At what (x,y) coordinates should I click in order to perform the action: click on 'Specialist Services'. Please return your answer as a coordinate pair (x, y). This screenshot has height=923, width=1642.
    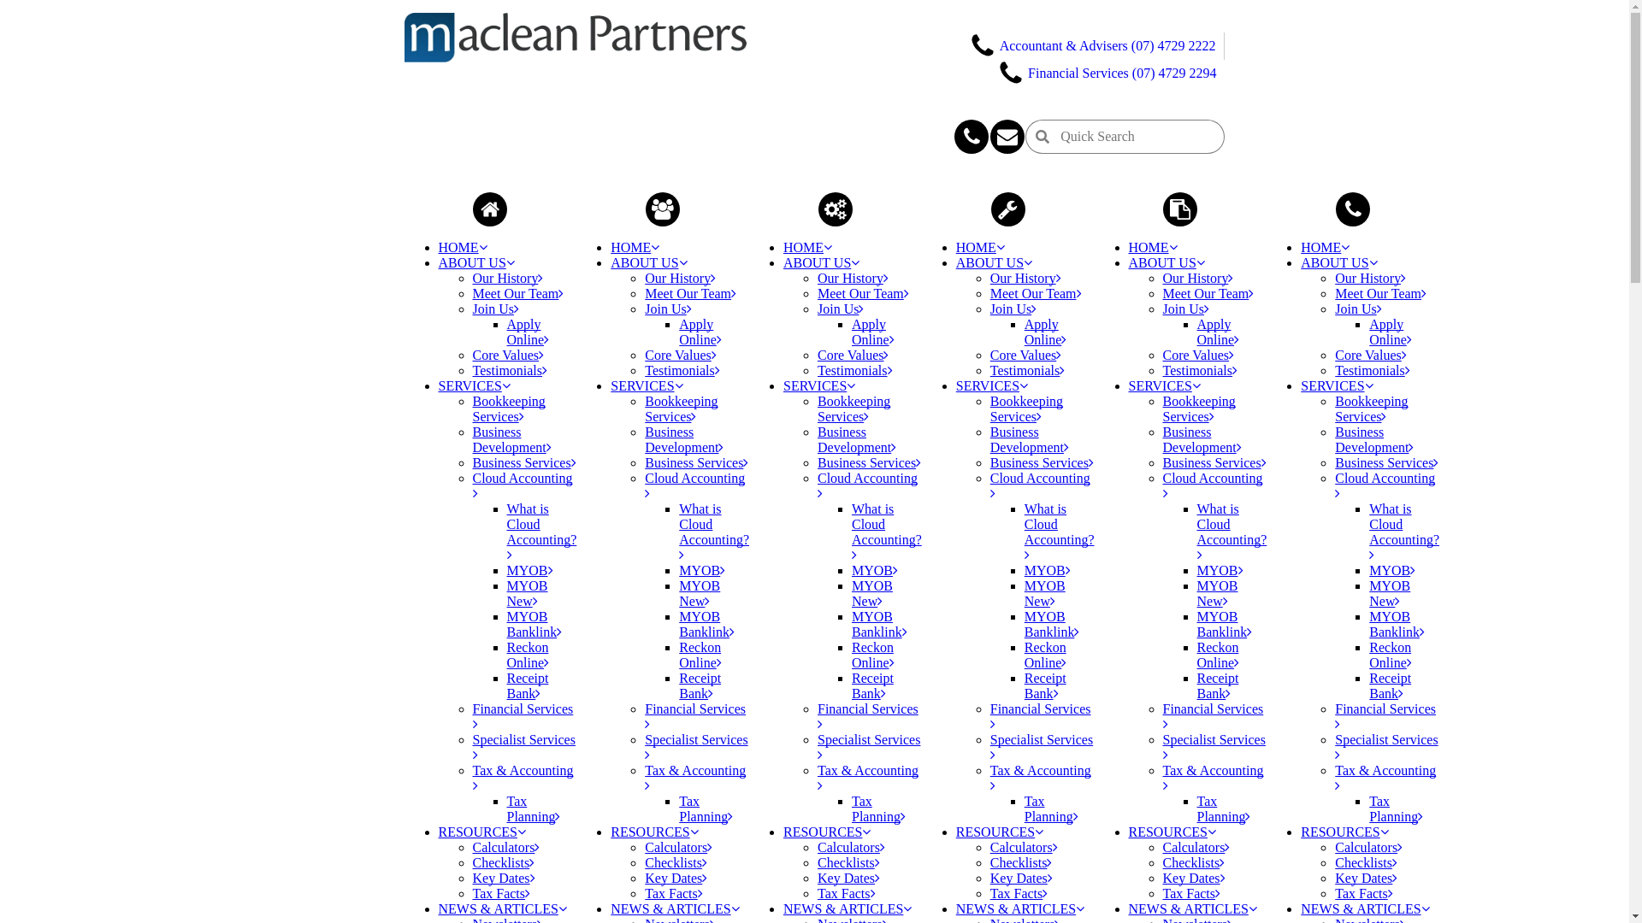
    Looking at the image, I should click on (1041, 746).